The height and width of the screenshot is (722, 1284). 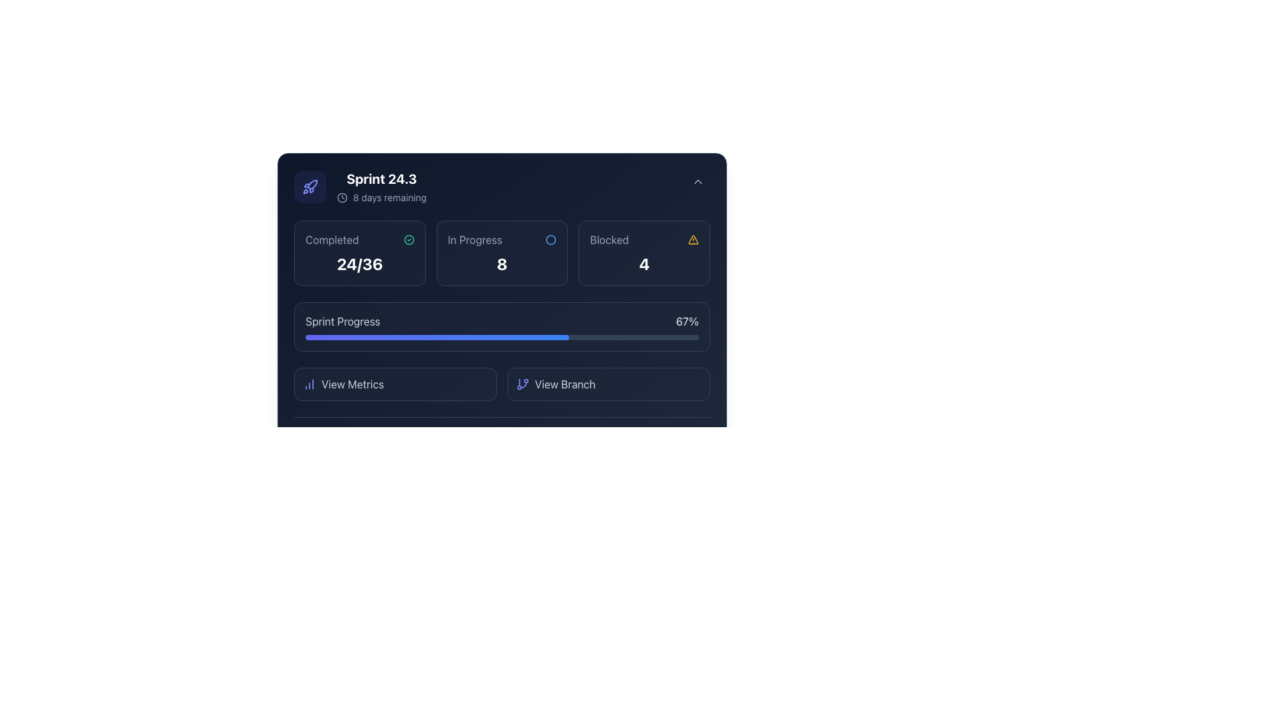 What do you see at coordinates (360, 263) in the screenshot?
I see `the Text label displaying '24/36', which indicates the completed tasks within the 'Completed' section in the top-left corner of the interface` at bounding box center [360, 263].